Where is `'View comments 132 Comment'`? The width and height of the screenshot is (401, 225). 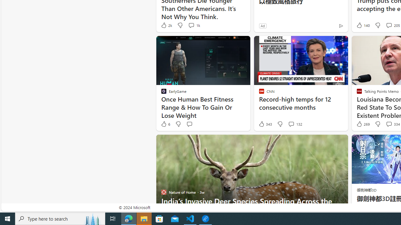 'View comments 132 Comment' is located at coordinates (291, 124).